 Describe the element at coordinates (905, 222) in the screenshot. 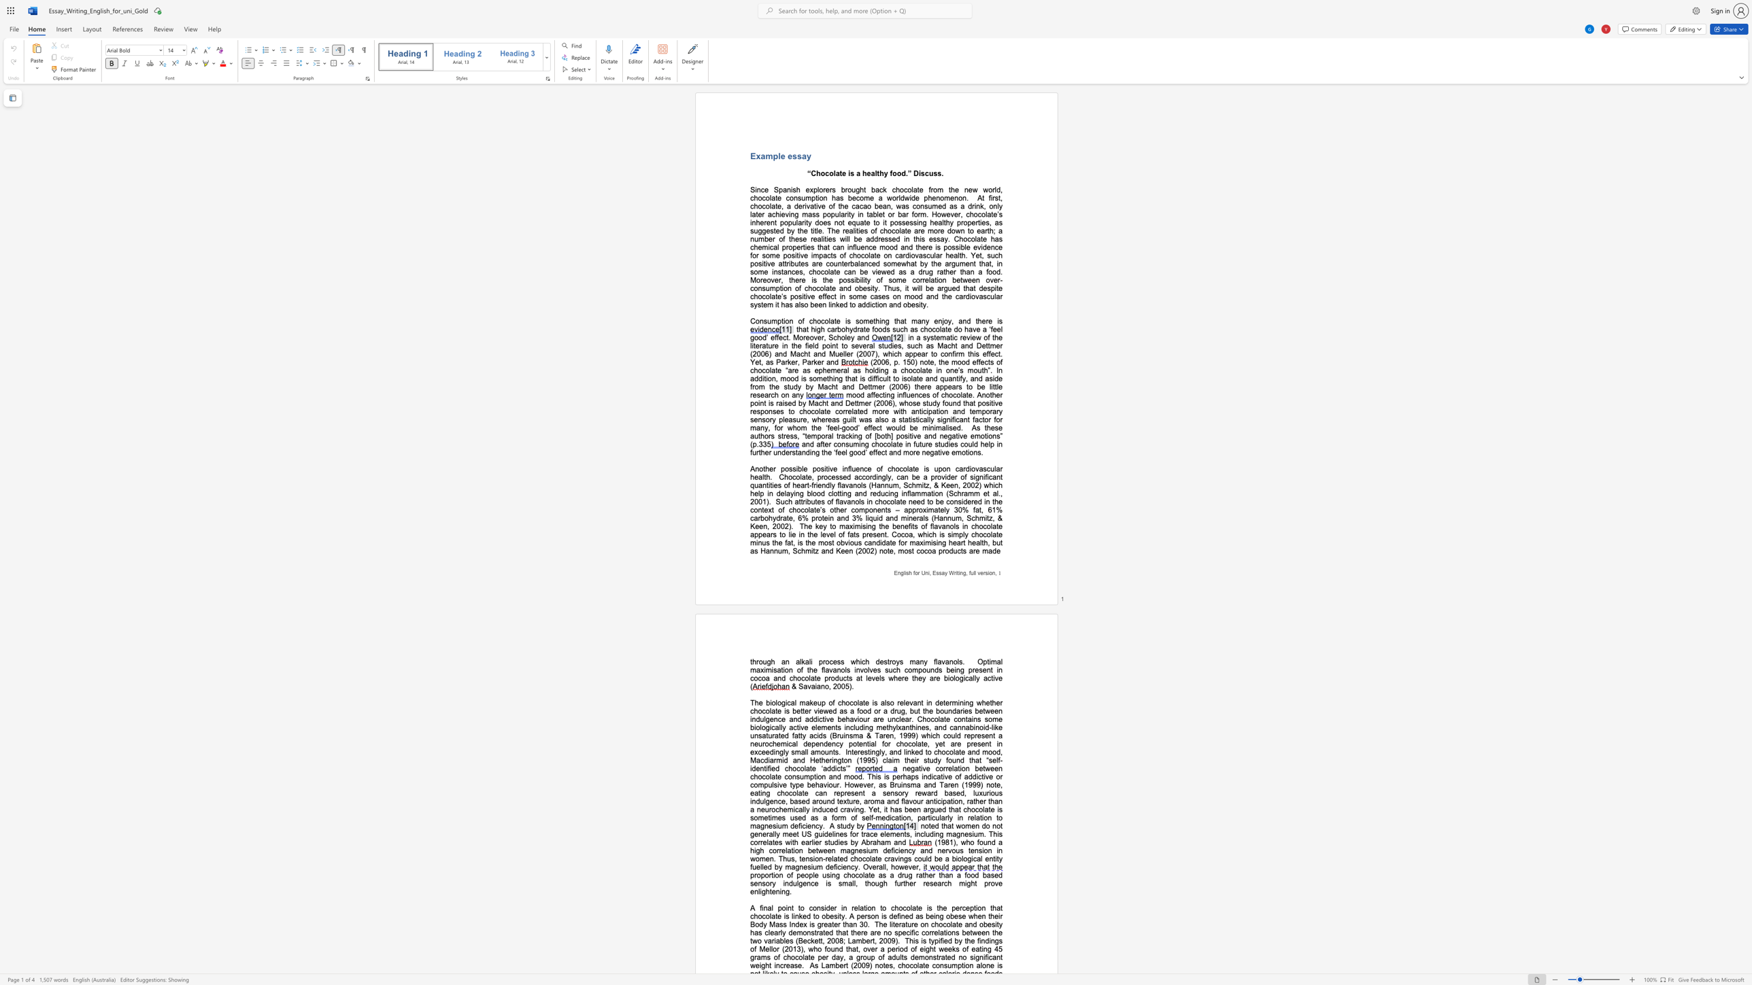

I see `the subset text "es" within the text "possessing"` at that location.